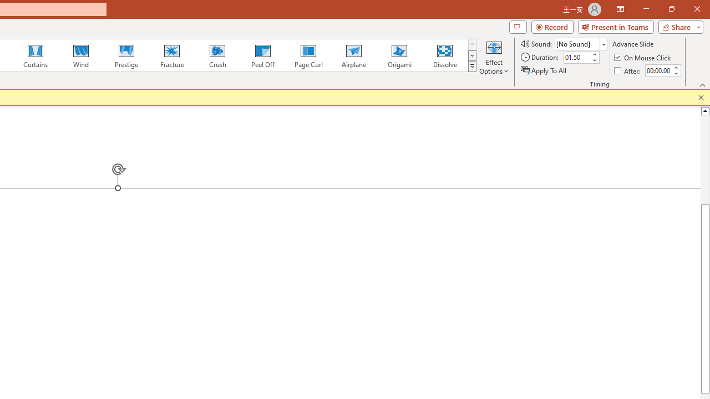 This screenshot has height=399, width=710. I want to click on 'Heading 2', so click(238, 88).